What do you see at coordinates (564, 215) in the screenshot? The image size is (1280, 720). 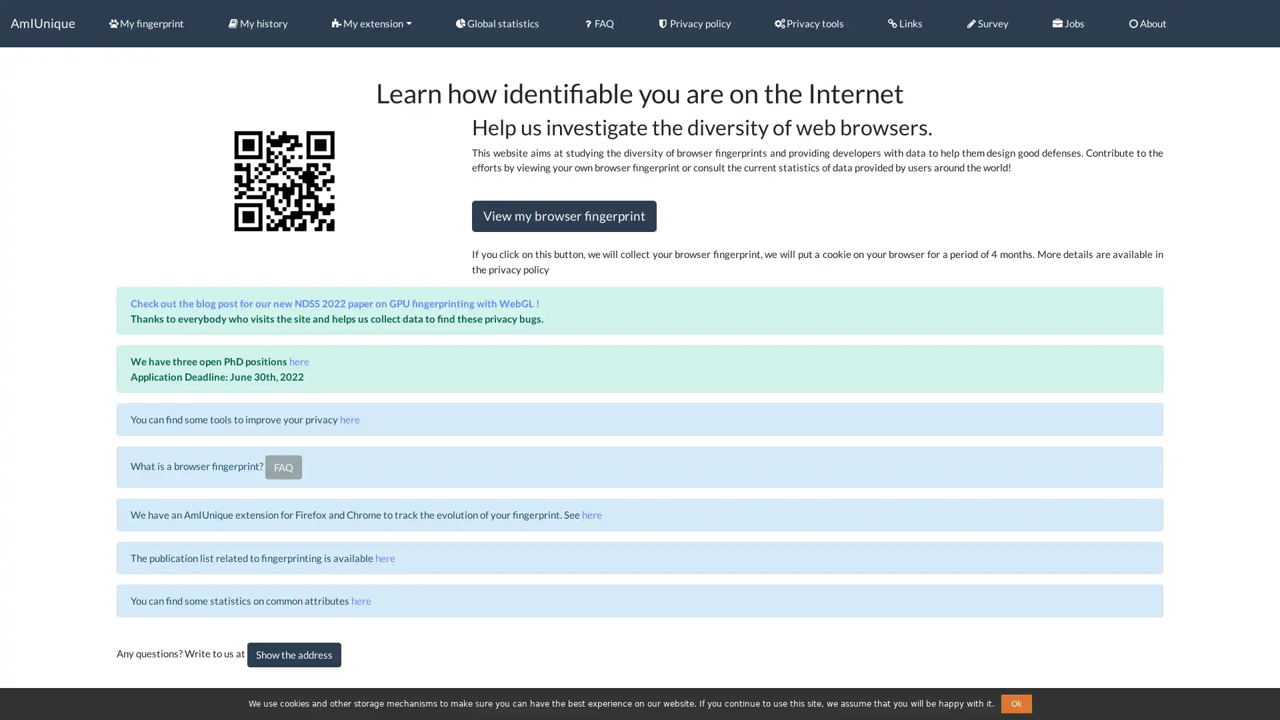 I see `View my browser fingerprint` at bounding box center [564, 215].